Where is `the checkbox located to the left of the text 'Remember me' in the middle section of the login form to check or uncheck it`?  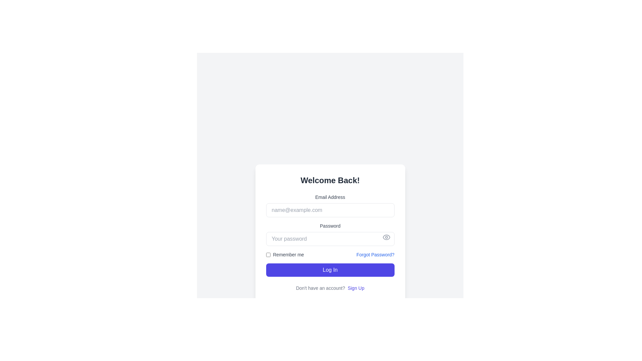 the checkbox located to the left of the text 'Remember me' in the middle section of the login form to check or uncheck it is located at coordinates (268, 255).